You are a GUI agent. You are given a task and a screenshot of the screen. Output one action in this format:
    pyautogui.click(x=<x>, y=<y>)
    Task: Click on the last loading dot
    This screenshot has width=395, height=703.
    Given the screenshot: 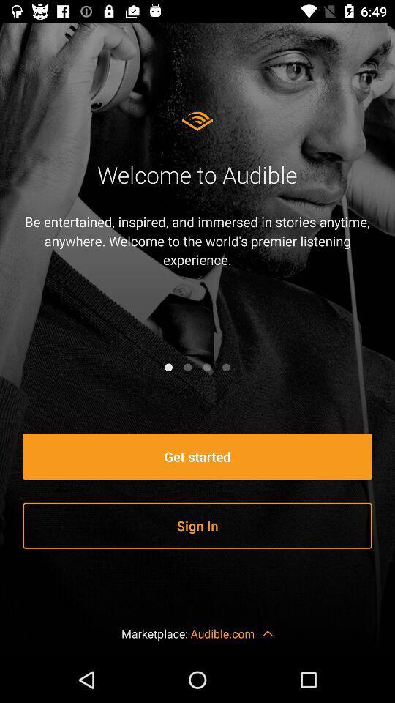 What is the action you would take?
    pyautogui.click(x=226, y=366)
    